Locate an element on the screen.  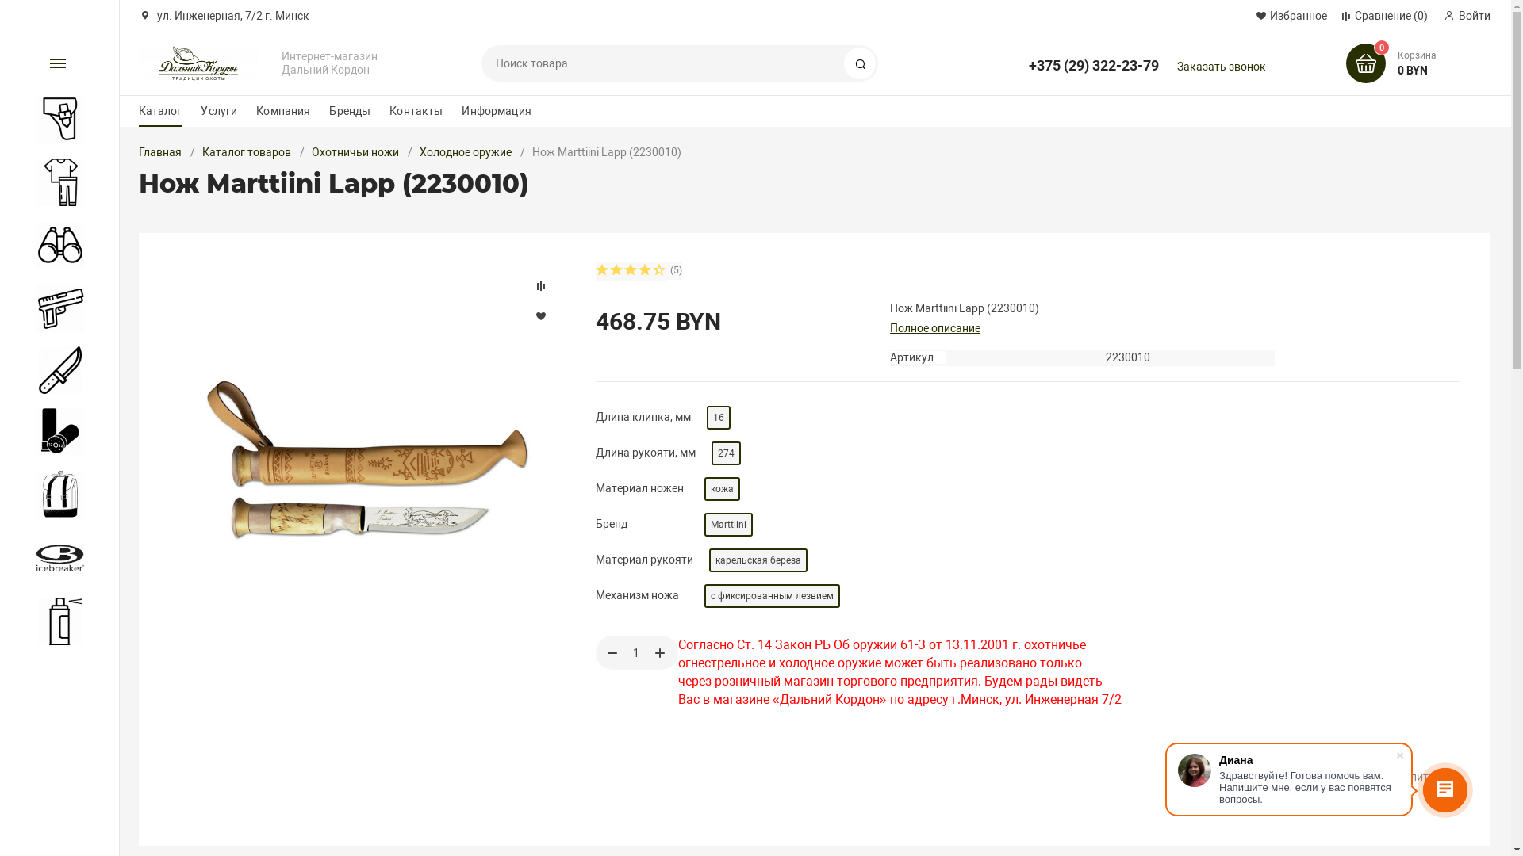
'4' is located at coordinates (646, 270).